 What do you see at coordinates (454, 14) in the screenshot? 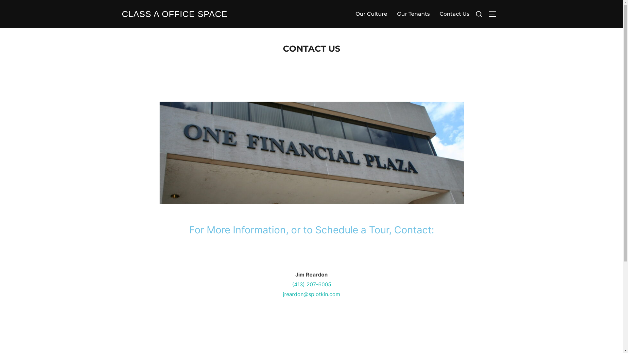
I see `'Contact Us'` at bounding box center [454, 14].